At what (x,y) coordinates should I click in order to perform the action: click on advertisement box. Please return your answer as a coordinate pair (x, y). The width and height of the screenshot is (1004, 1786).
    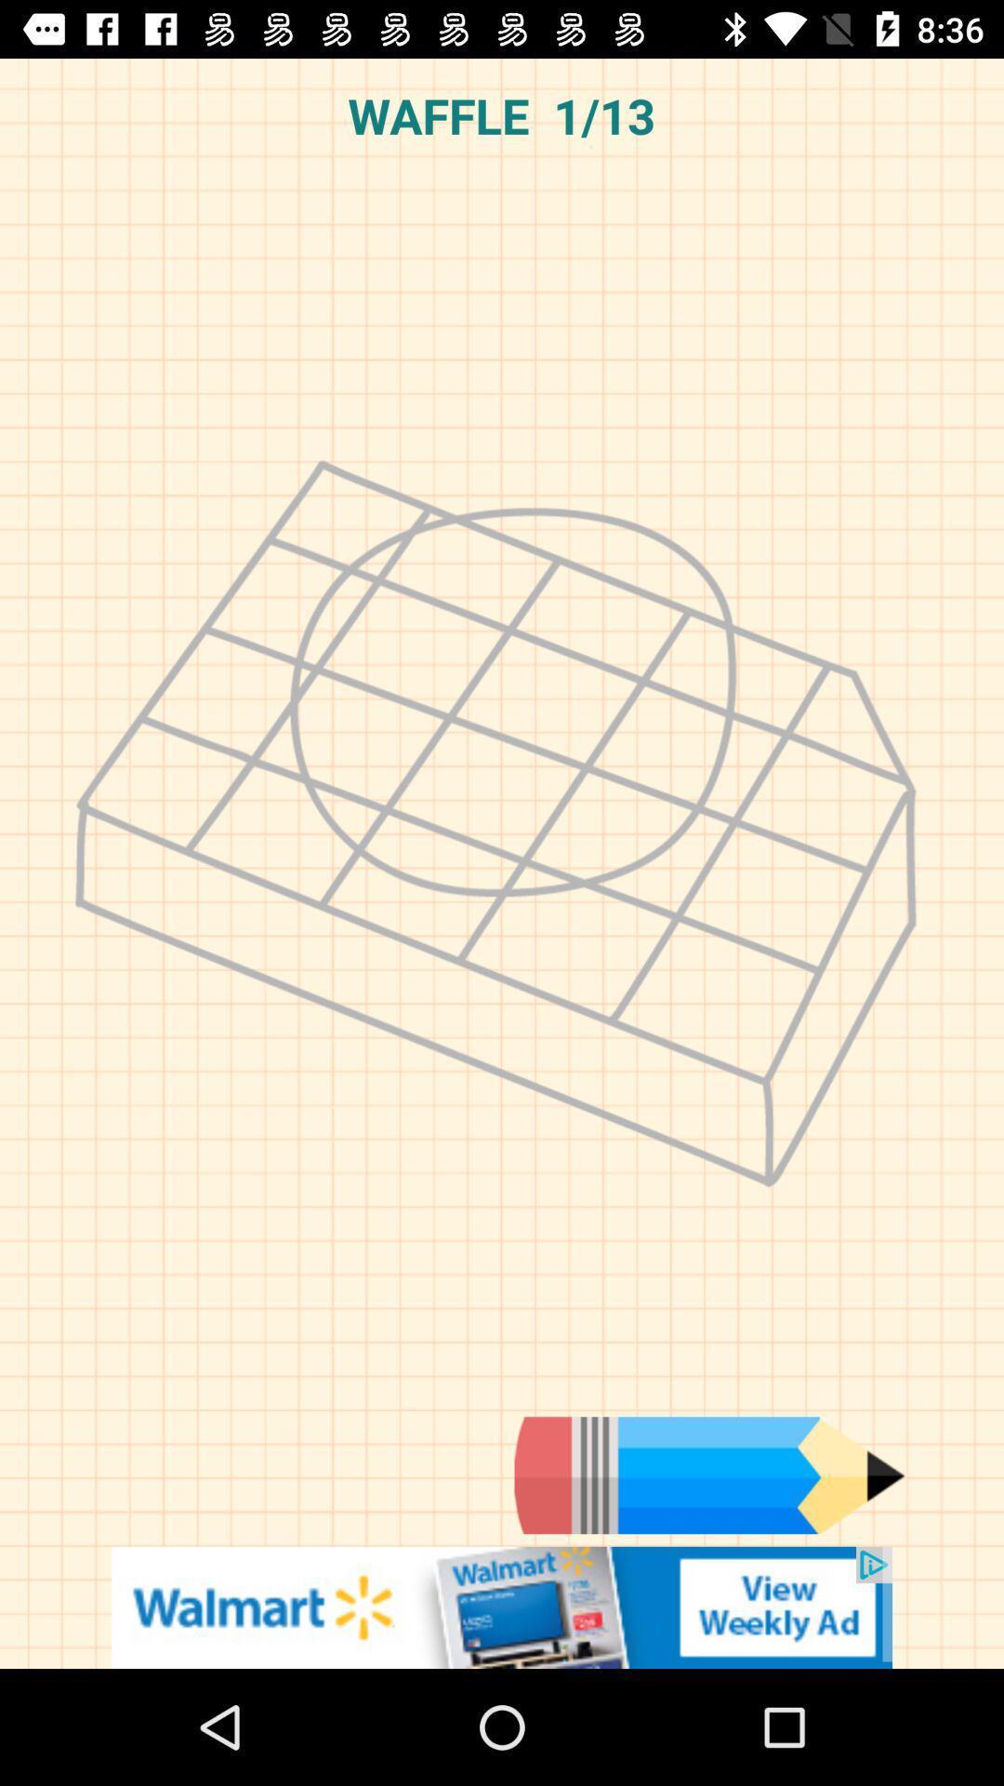
    Looking at the image, I should click on (502, 1606).